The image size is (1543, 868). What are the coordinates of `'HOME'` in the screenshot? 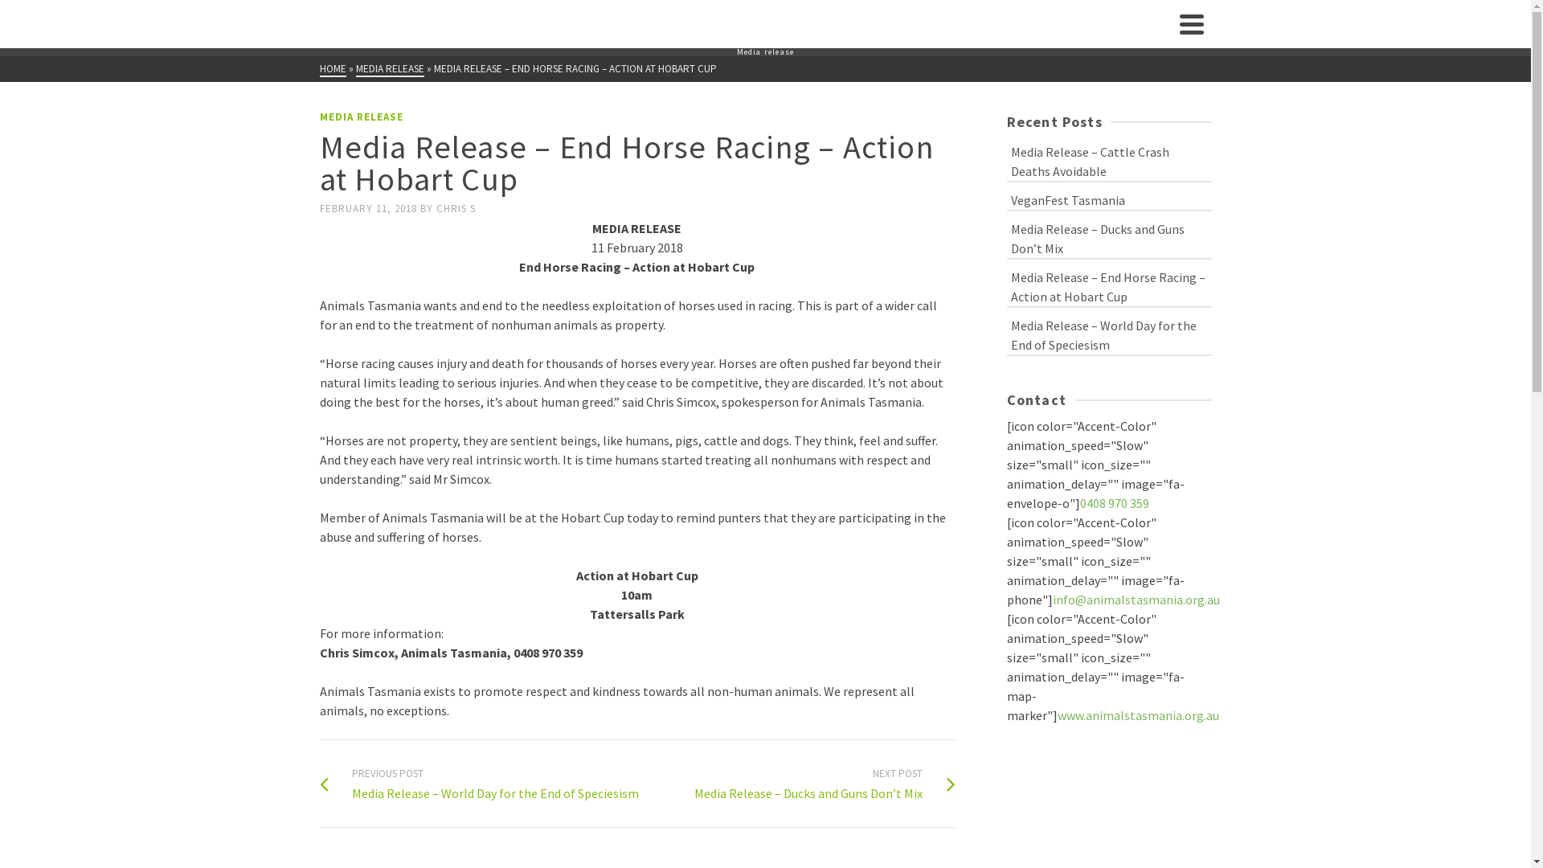 It's located at (332, 68).